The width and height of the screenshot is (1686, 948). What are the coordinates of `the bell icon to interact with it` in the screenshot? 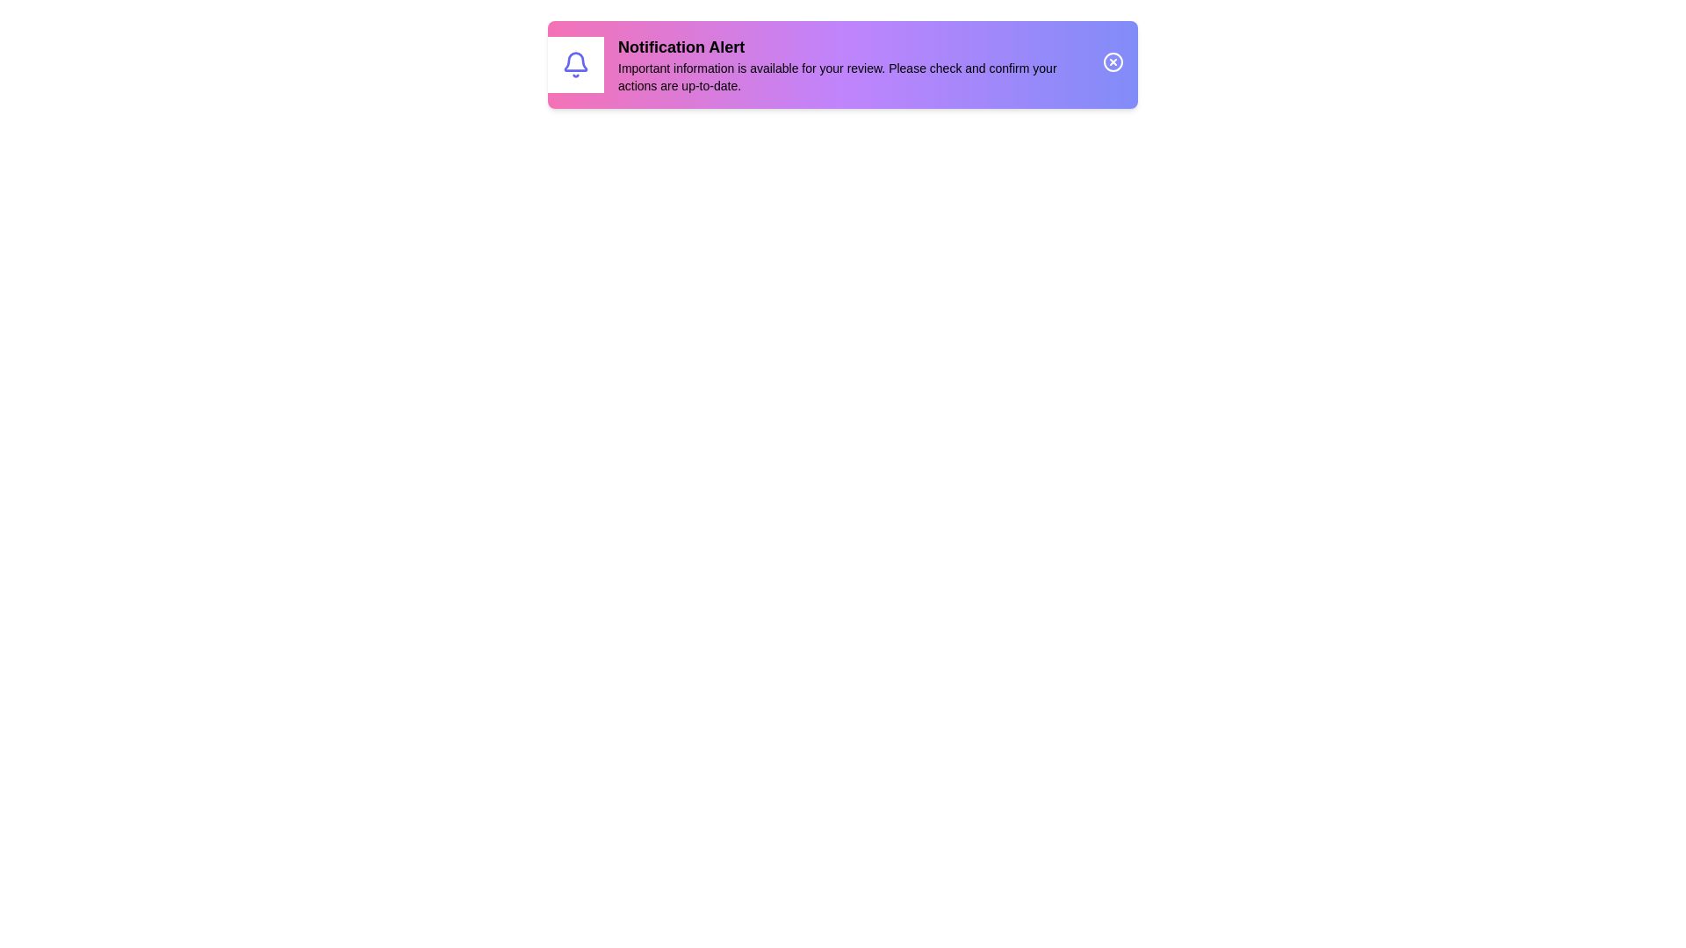 It's located at (576, 63).